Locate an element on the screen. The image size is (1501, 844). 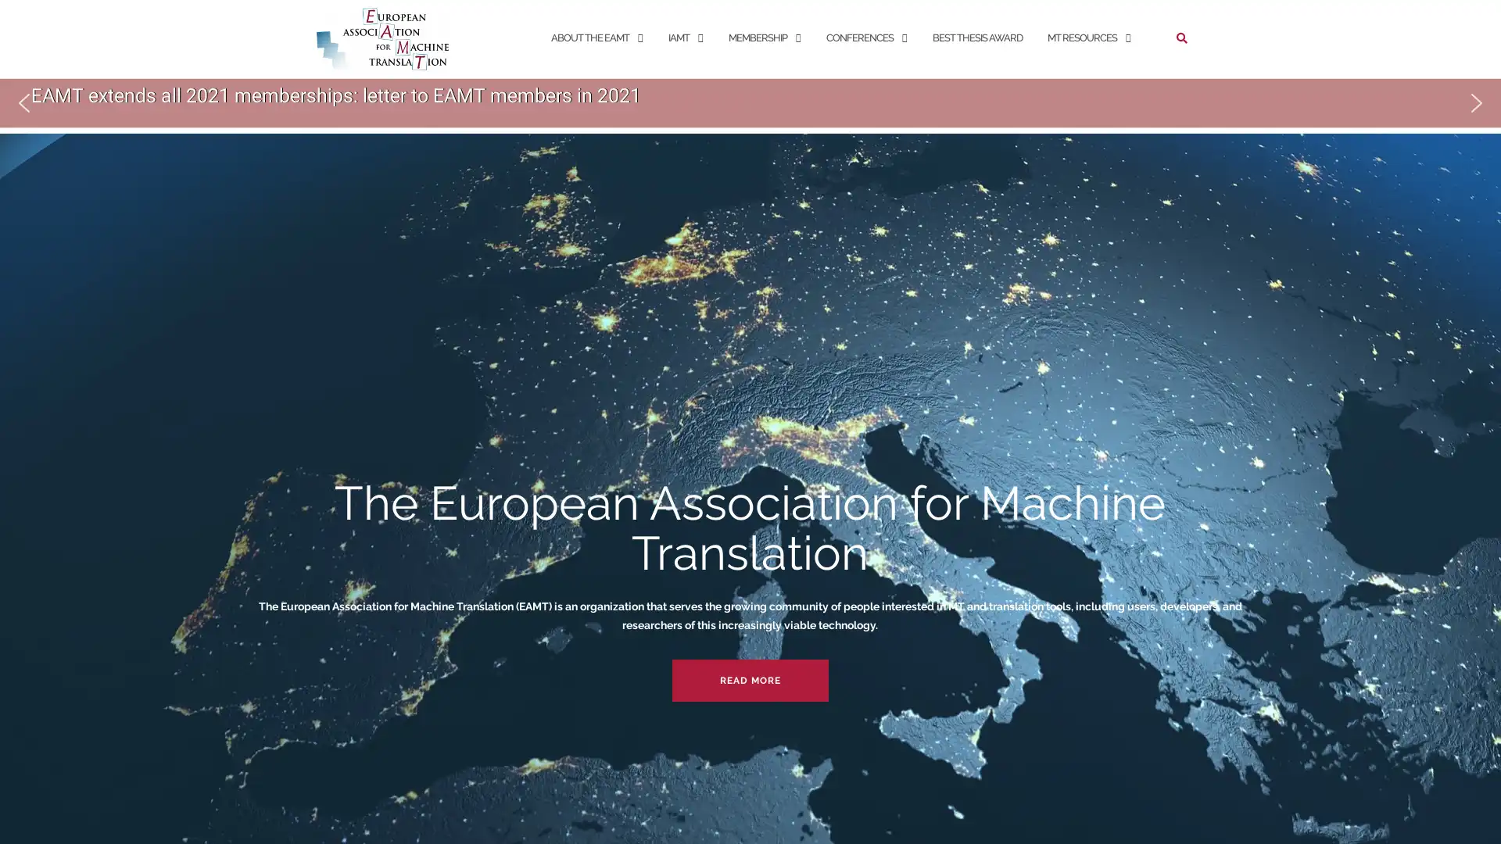
previous arrow is located at coordinates (23, 102).